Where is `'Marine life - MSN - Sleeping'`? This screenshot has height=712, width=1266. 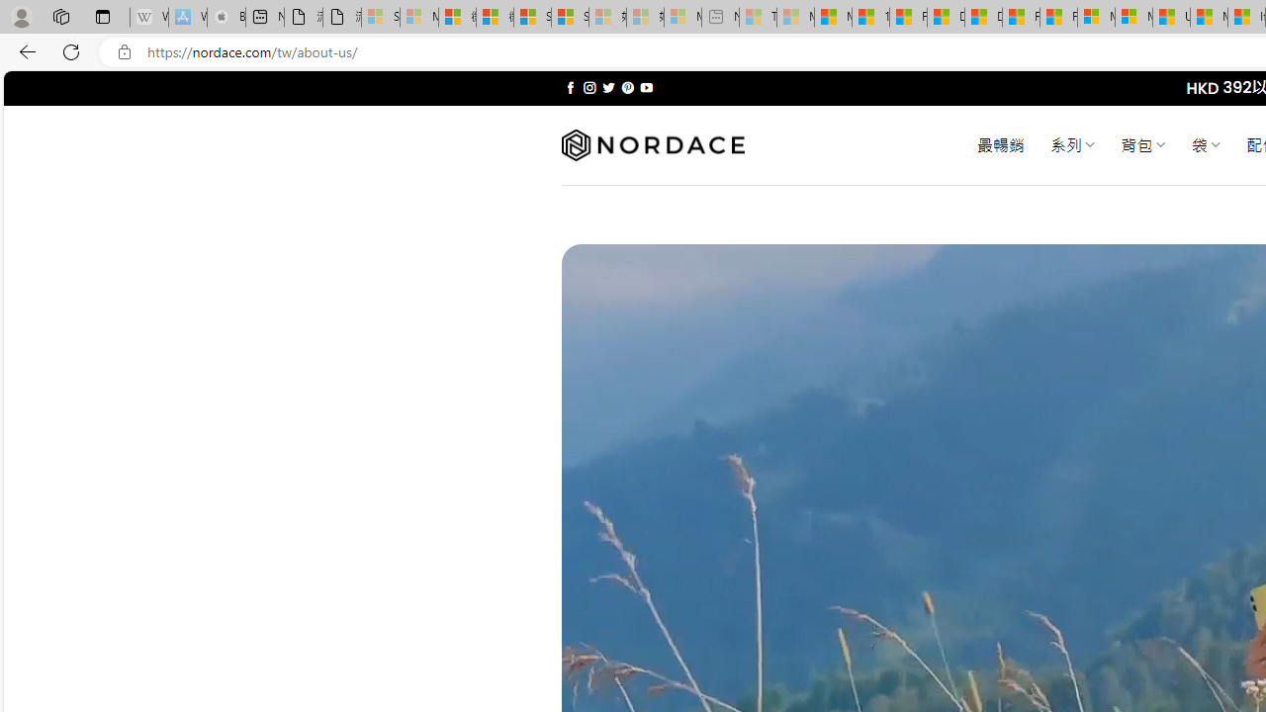 'Marine life - MSN - Sleeping' is located at coordinates (795, 17).